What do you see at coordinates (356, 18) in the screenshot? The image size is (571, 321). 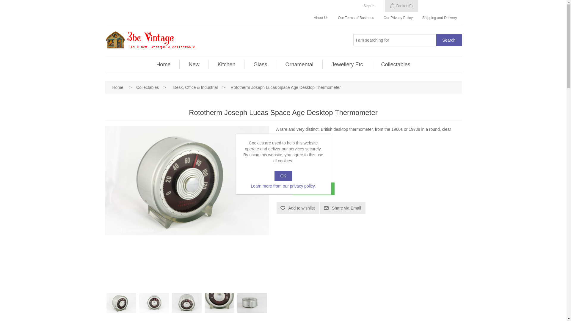 I see `'Our Terms of Business'` at bounding box center [356, 18].